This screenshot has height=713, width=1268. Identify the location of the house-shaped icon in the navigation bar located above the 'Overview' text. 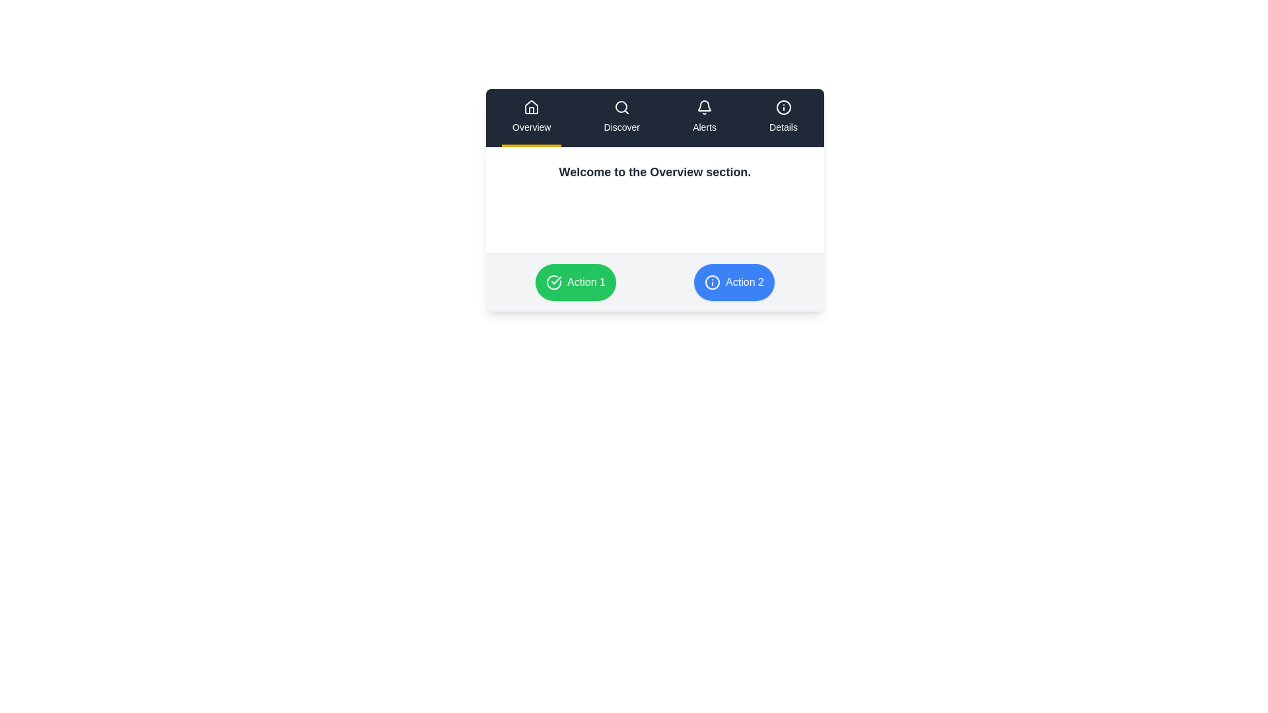
(532, 106).